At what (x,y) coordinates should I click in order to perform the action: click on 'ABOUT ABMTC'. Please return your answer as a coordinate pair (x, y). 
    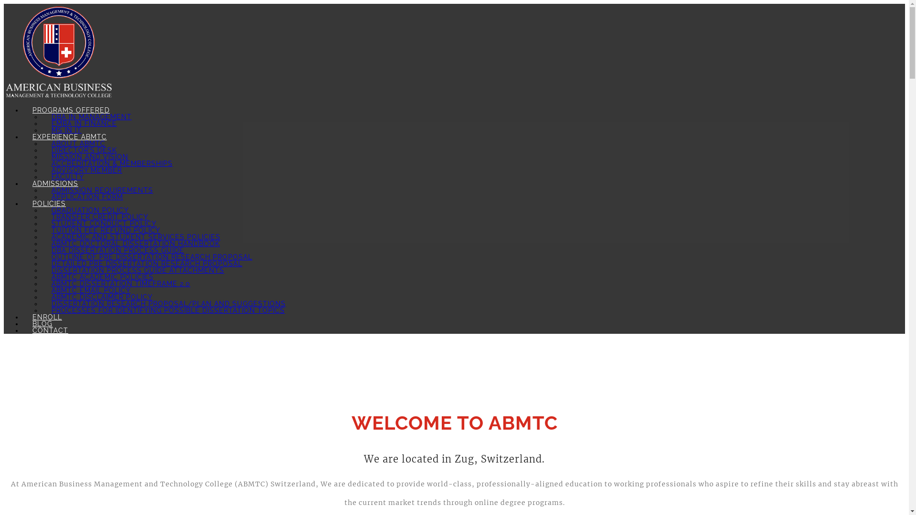
    Looking at the image, I should click on (78, 143).